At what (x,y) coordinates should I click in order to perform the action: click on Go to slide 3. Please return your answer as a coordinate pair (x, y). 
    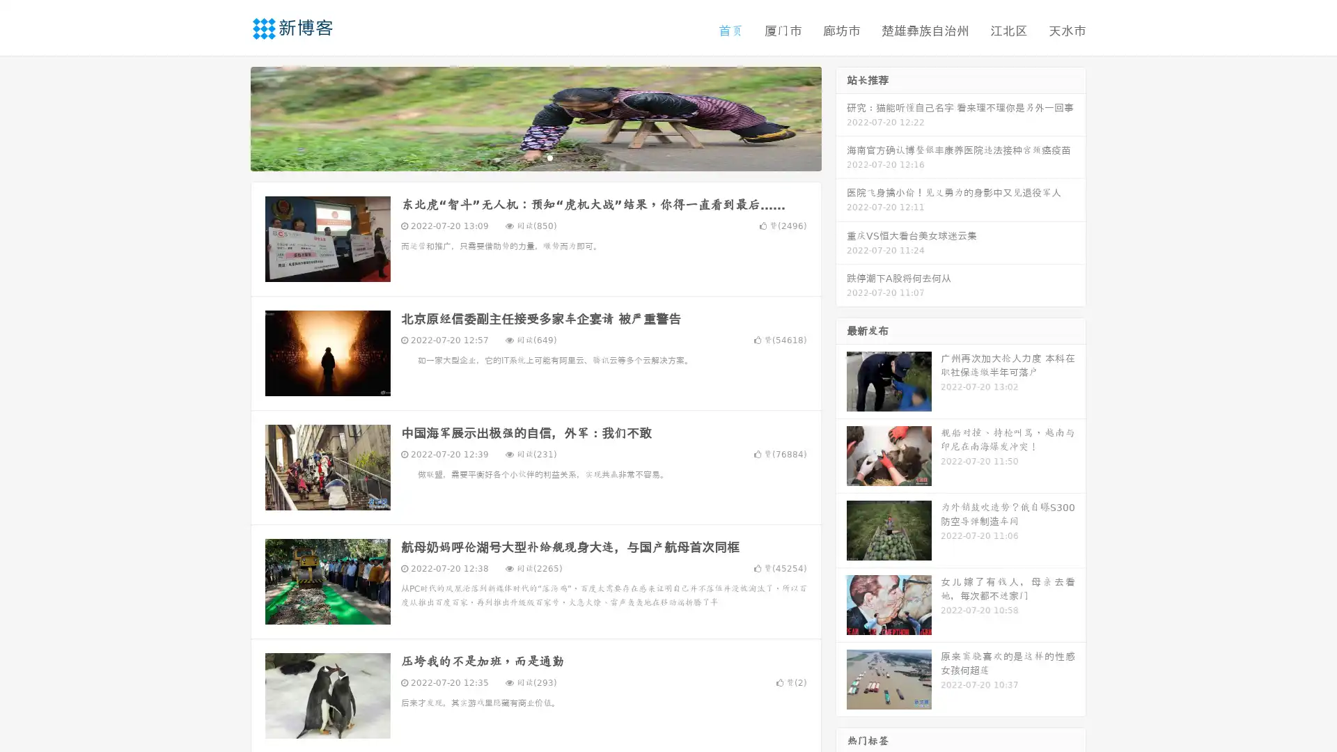
    Looking at the image, I should click on (549, 157).